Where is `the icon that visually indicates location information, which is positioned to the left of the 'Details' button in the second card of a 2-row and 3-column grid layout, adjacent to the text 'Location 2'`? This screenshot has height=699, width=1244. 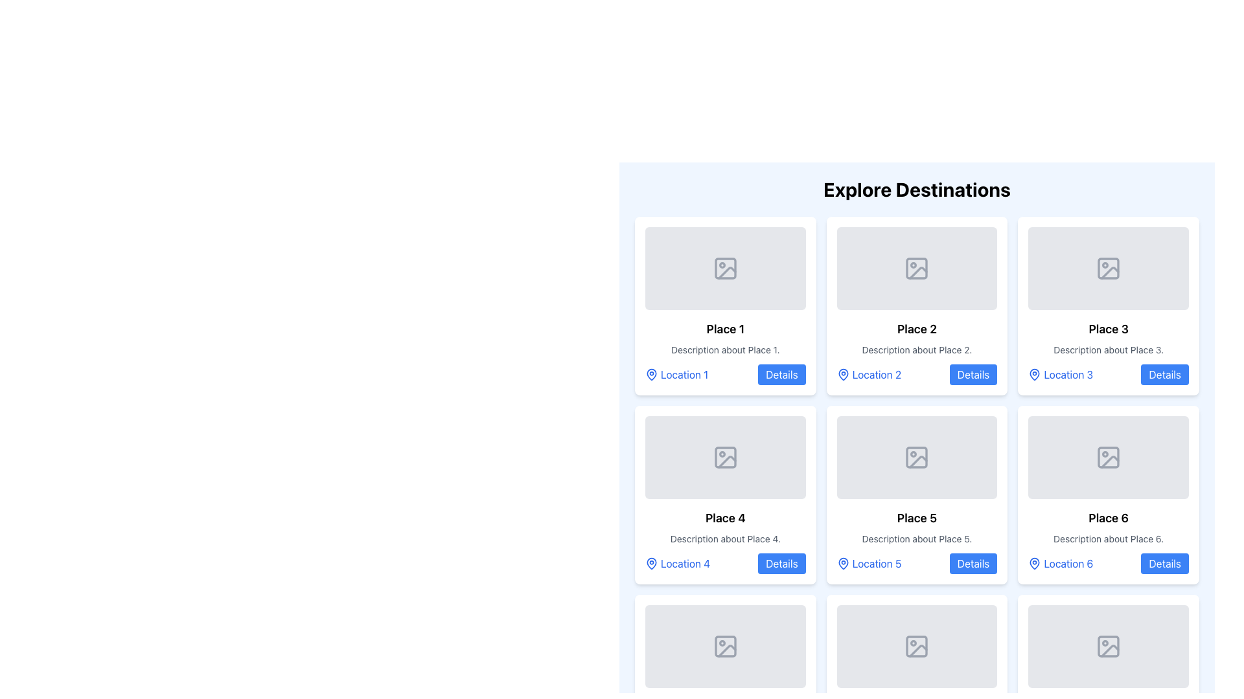
the icon that visually indicates location information, which is positioned to the left of the 'Details' button in the second card of a 2-row and 3-column grid layout, adjacent to the text 'Location 2' is located at coordinates (843, 374).